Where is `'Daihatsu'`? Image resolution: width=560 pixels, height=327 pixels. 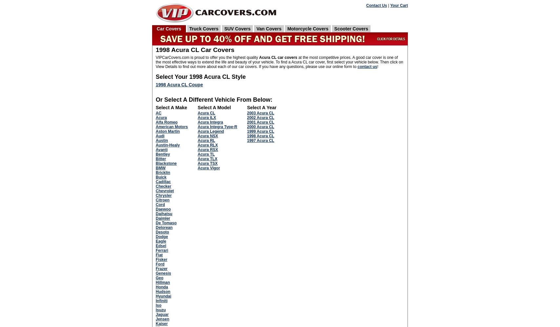
'Daihatsu' is located at coordinates (164, 214).